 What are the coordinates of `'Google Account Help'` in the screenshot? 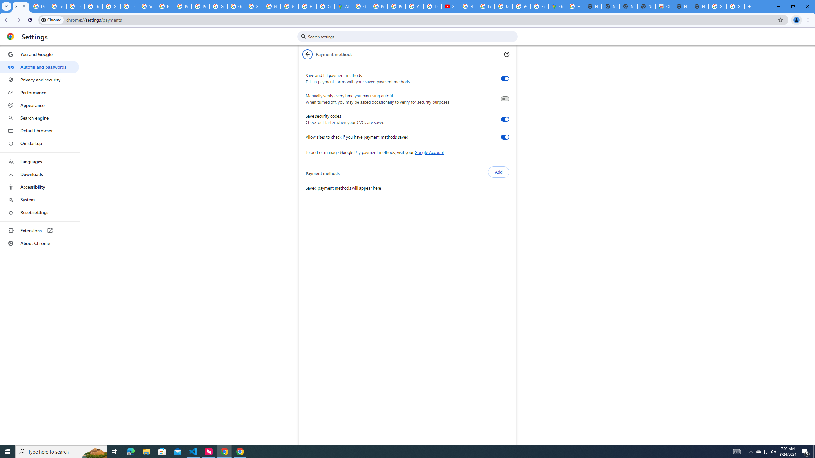 It's located at (93, 6).